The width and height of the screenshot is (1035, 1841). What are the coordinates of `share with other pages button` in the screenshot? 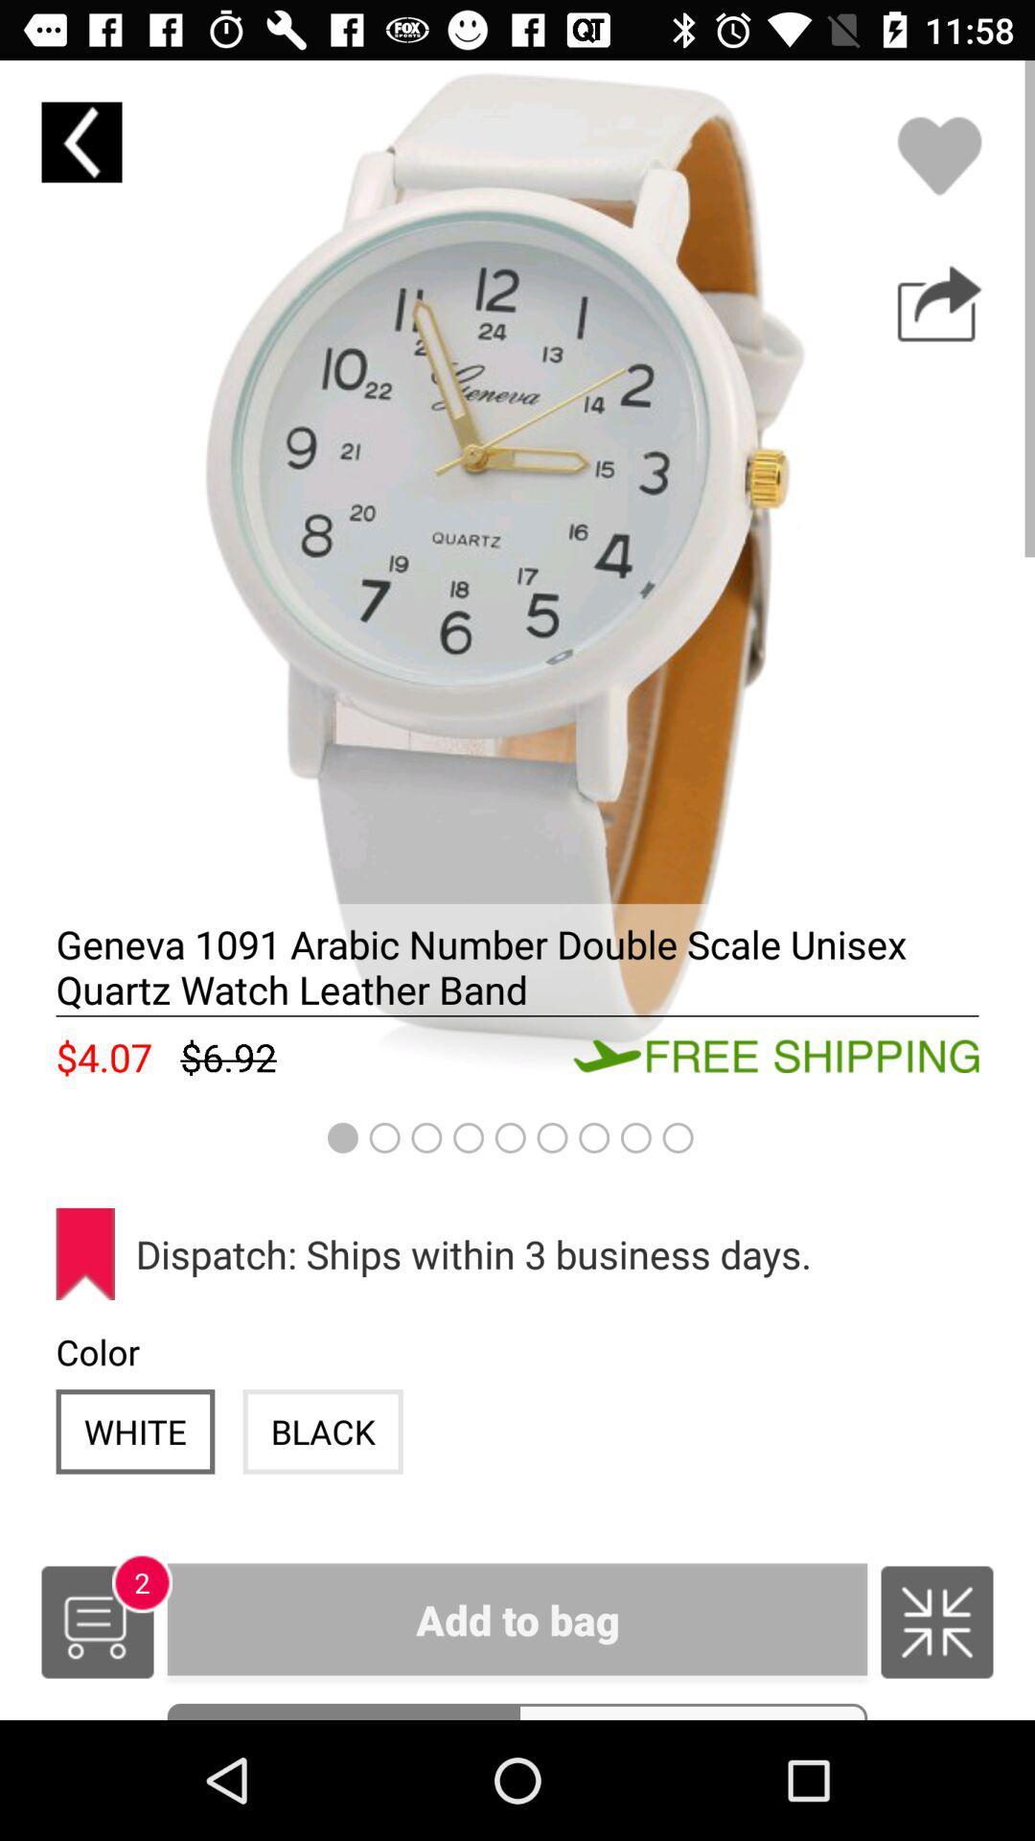 It's located at (938, 303).